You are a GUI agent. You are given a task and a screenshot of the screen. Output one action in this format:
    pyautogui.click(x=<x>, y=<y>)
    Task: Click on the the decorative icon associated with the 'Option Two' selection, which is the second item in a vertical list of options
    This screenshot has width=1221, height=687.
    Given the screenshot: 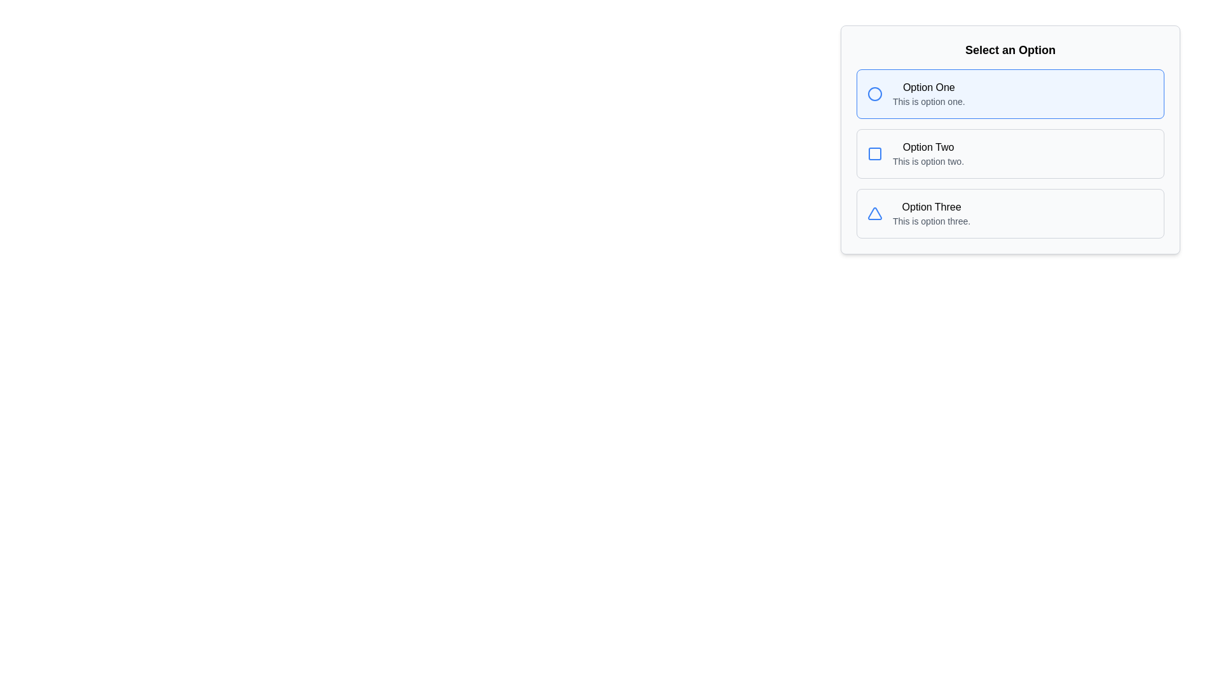 What is the action you would take?
    pyautogui.click(x=874, y=153)
    